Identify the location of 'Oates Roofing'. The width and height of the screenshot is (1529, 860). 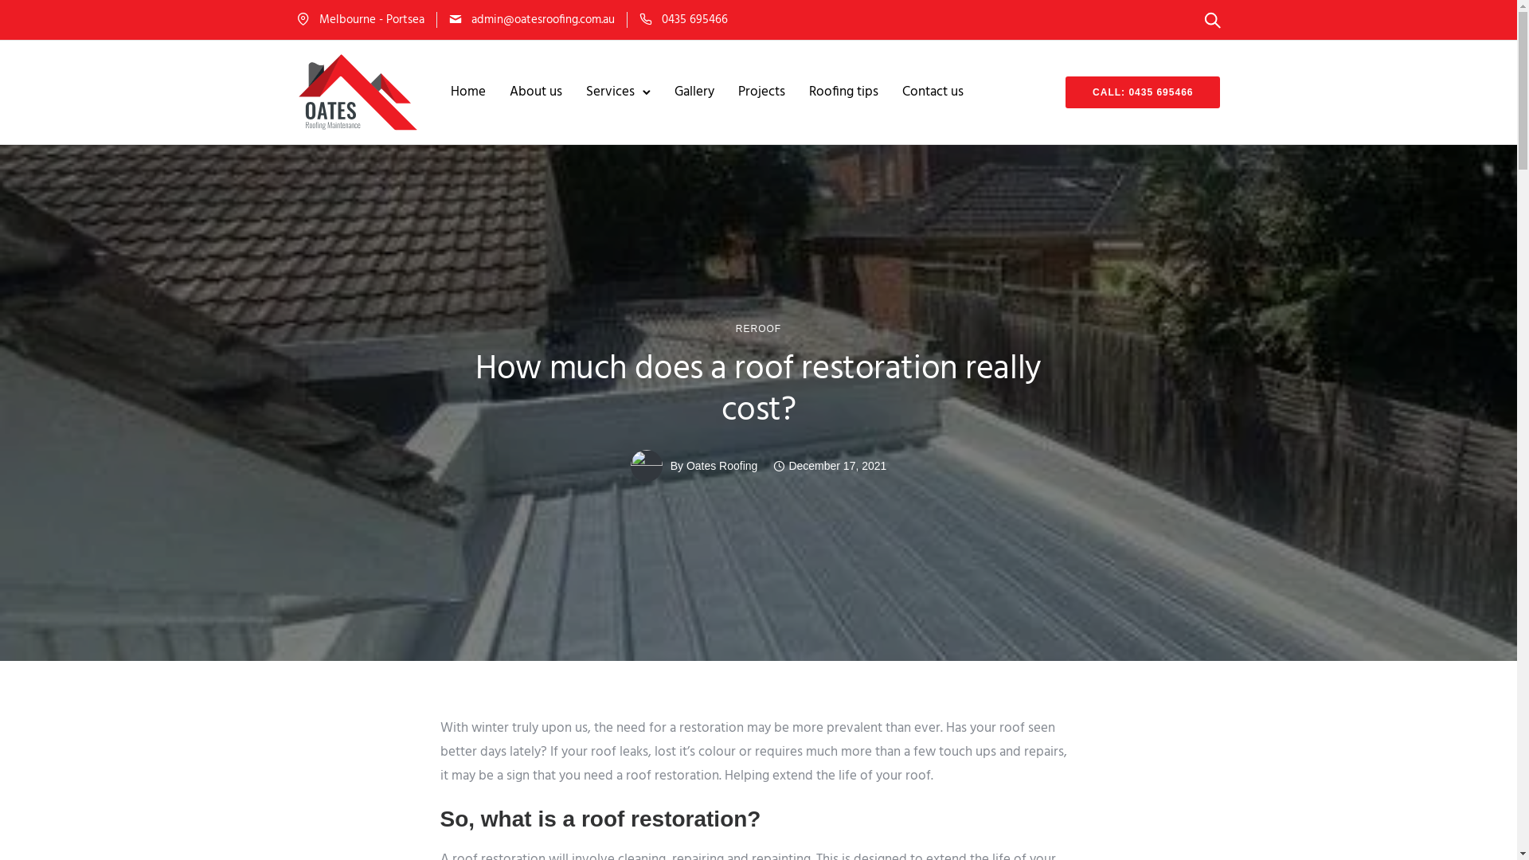
(721, 466).